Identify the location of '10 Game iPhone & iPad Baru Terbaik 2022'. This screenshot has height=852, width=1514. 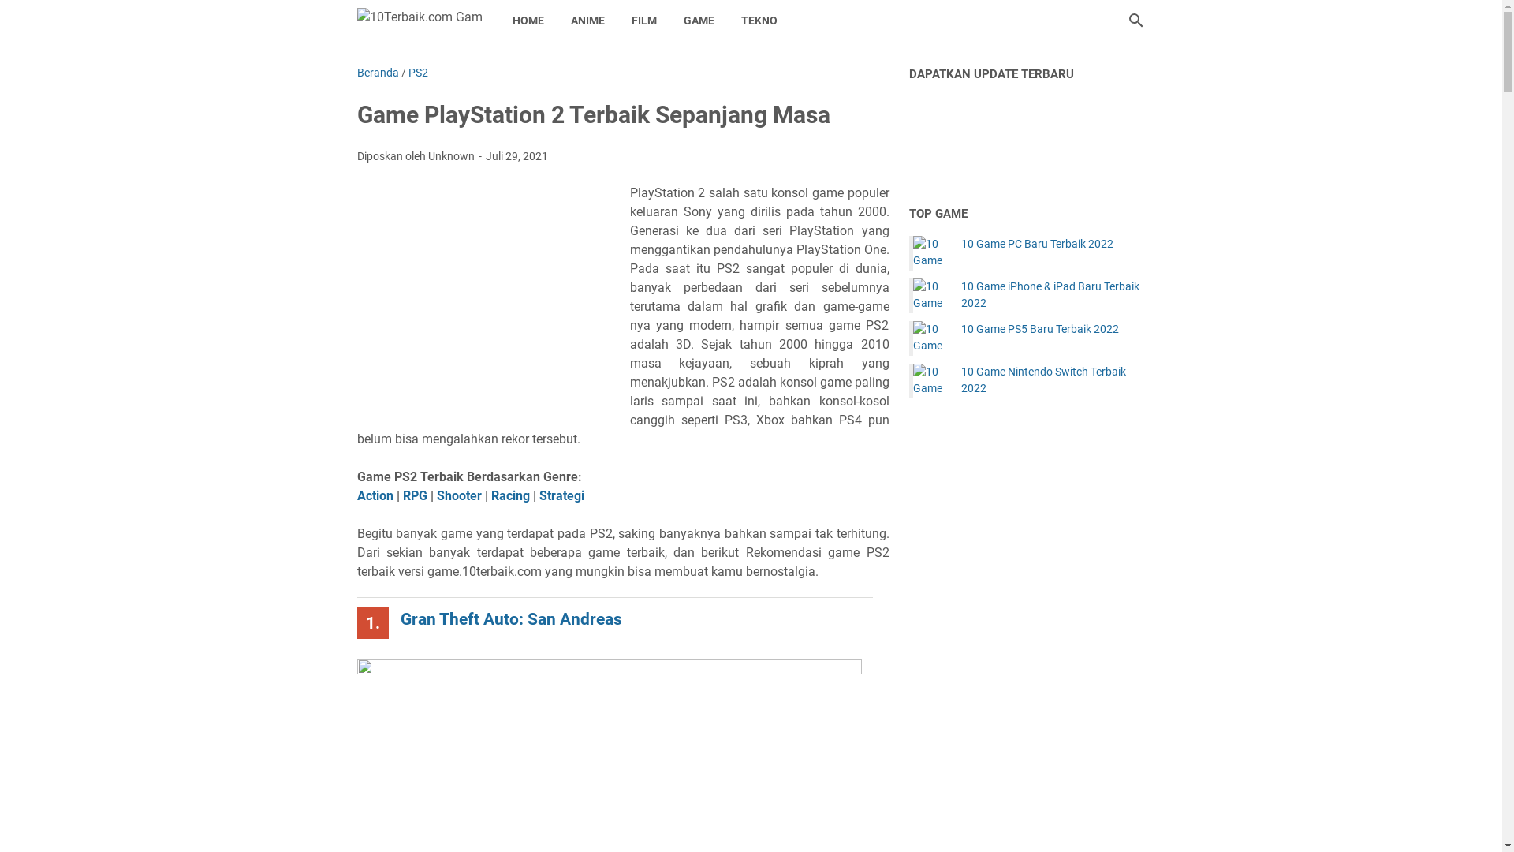
(960, 295).